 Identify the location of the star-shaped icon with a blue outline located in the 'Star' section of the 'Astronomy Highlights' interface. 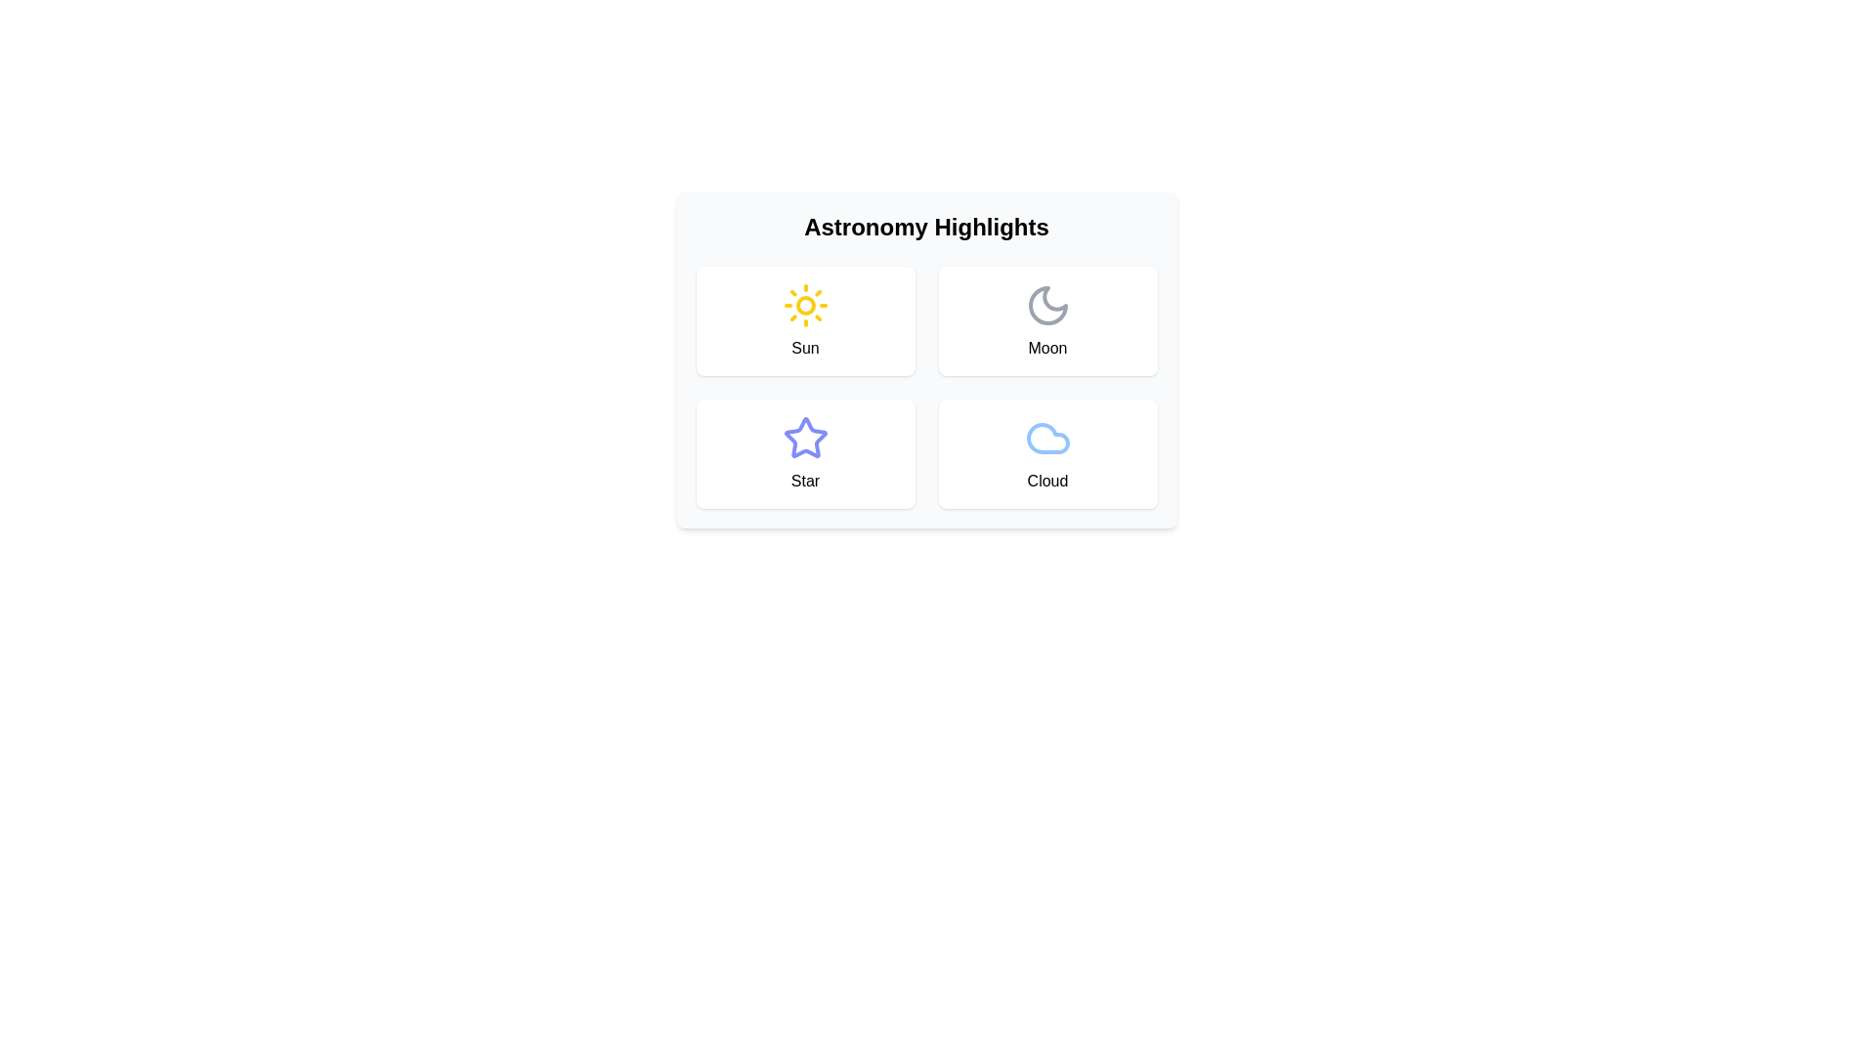
(805, 437).